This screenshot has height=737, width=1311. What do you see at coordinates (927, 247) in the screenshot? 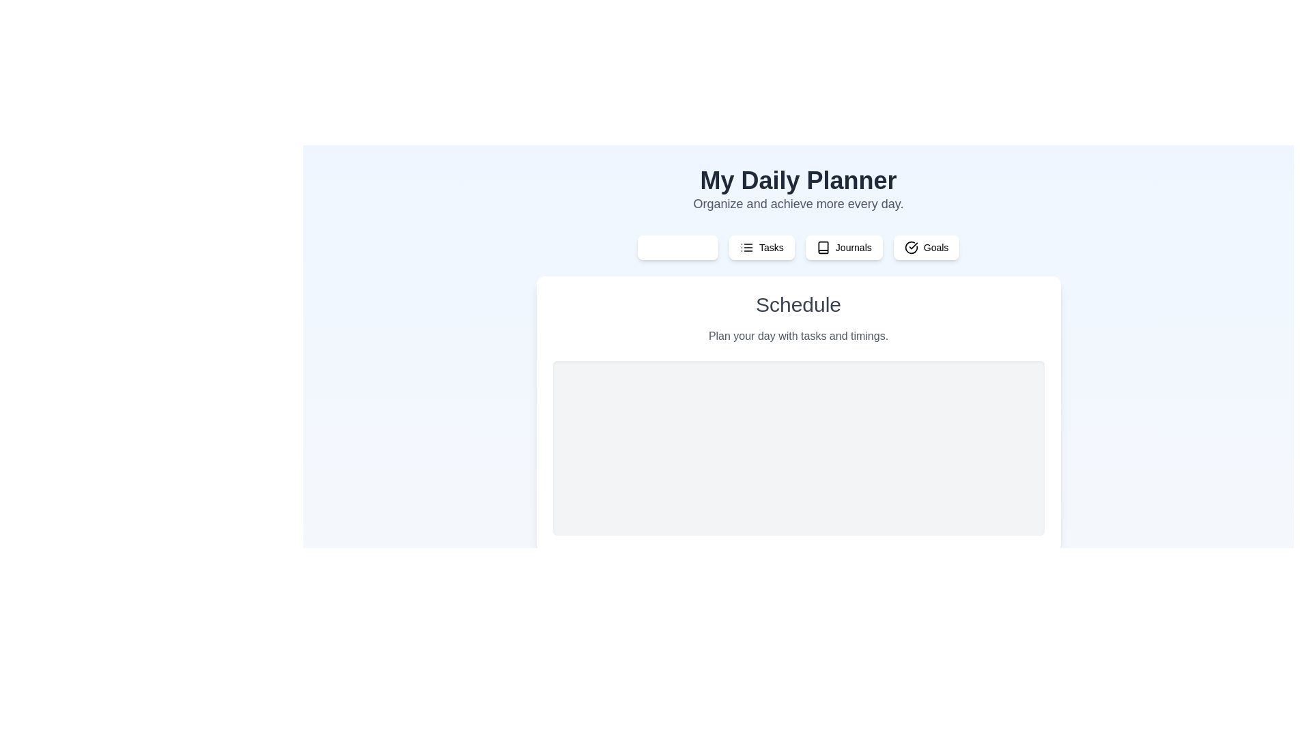
I see `the tab labeled Goals` at bounding box center [927, 247].